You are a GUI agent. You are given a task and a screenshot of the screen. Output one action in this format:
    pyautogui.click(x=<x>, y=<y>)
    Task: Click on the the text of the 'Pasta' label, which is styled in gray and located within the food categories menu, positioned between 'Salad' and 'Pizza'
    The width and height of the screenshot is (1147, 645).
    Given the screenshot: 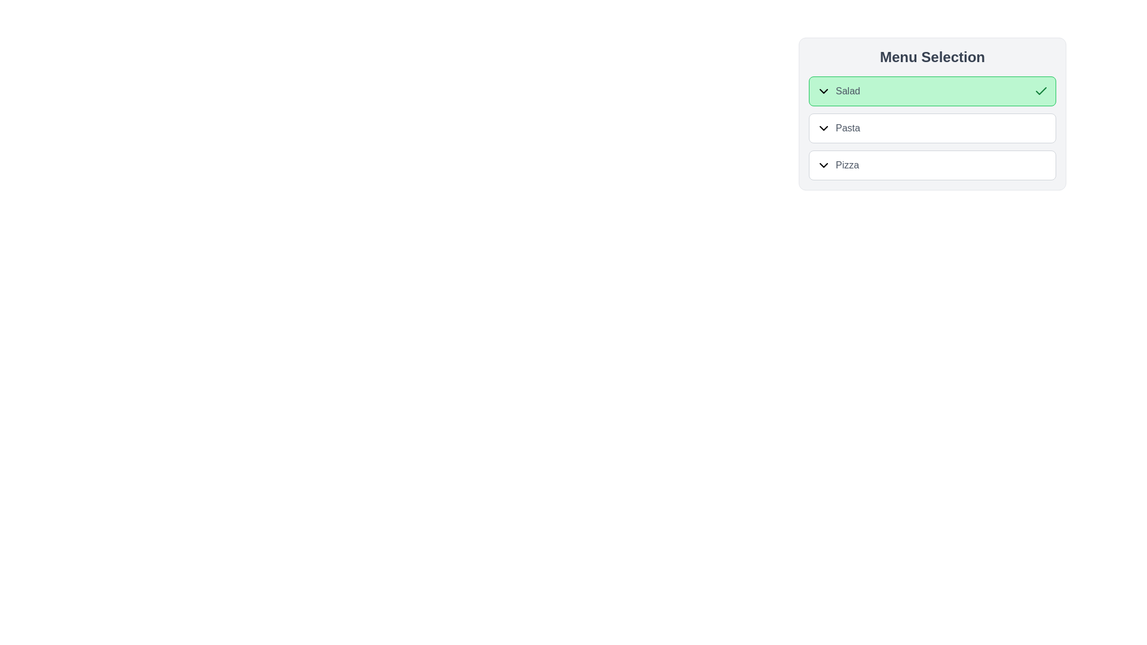 What is the action you would take?
    pyautogui.click(x=847, y=128)
    